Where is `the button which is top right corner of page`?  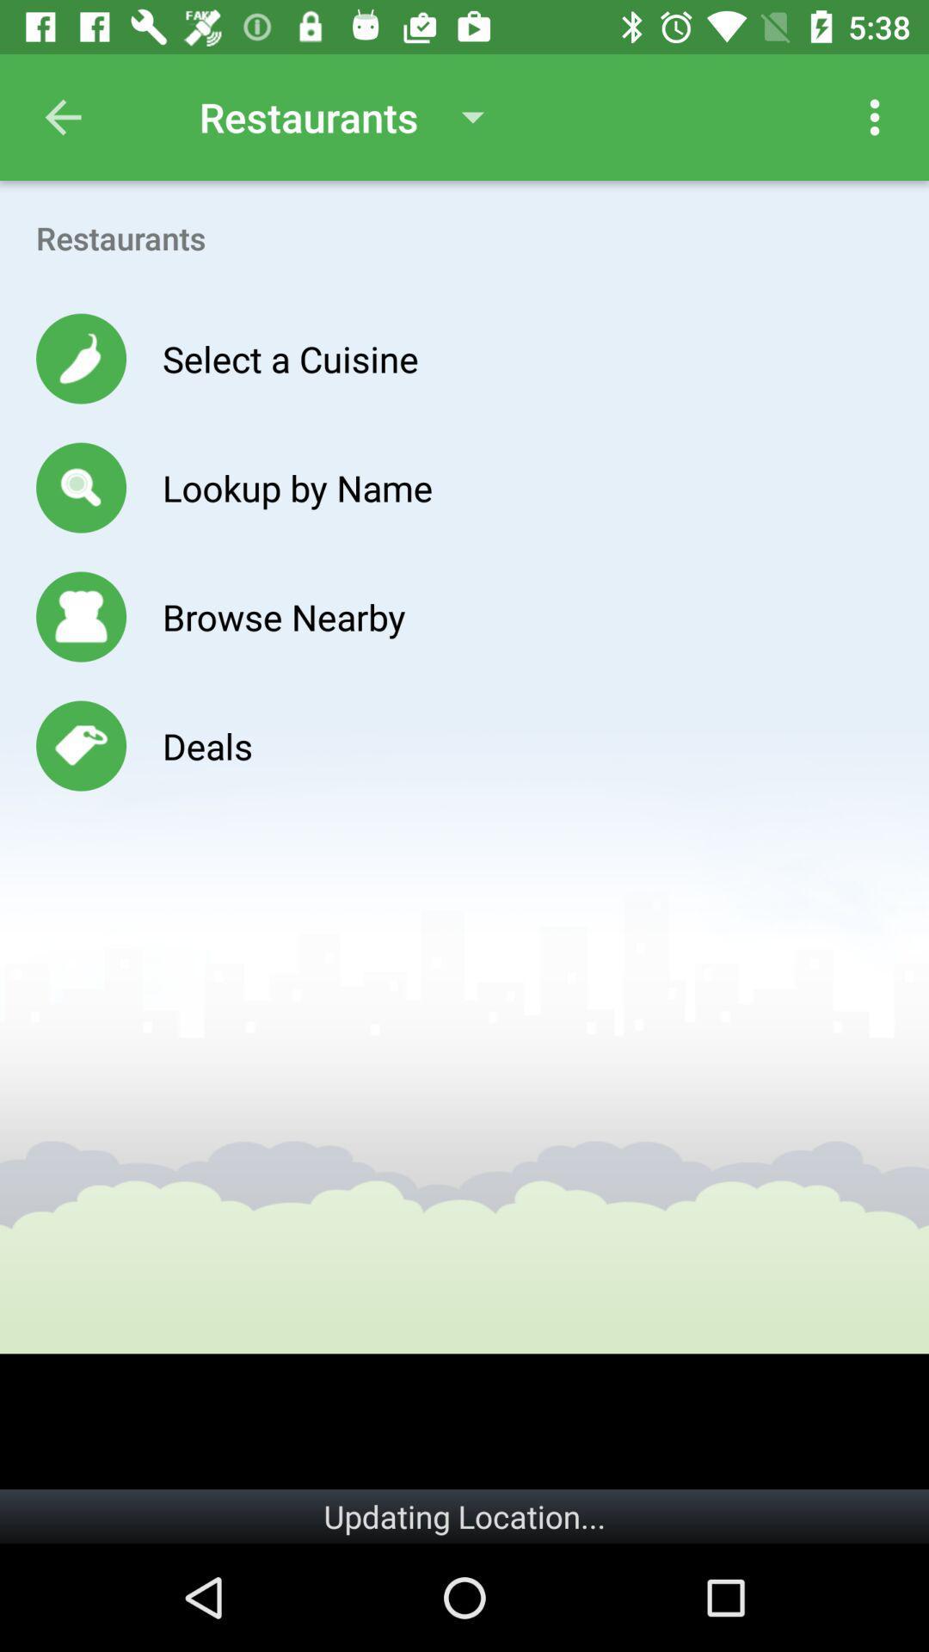
the button which is top right corner of page is located at coordinates (875, 117).